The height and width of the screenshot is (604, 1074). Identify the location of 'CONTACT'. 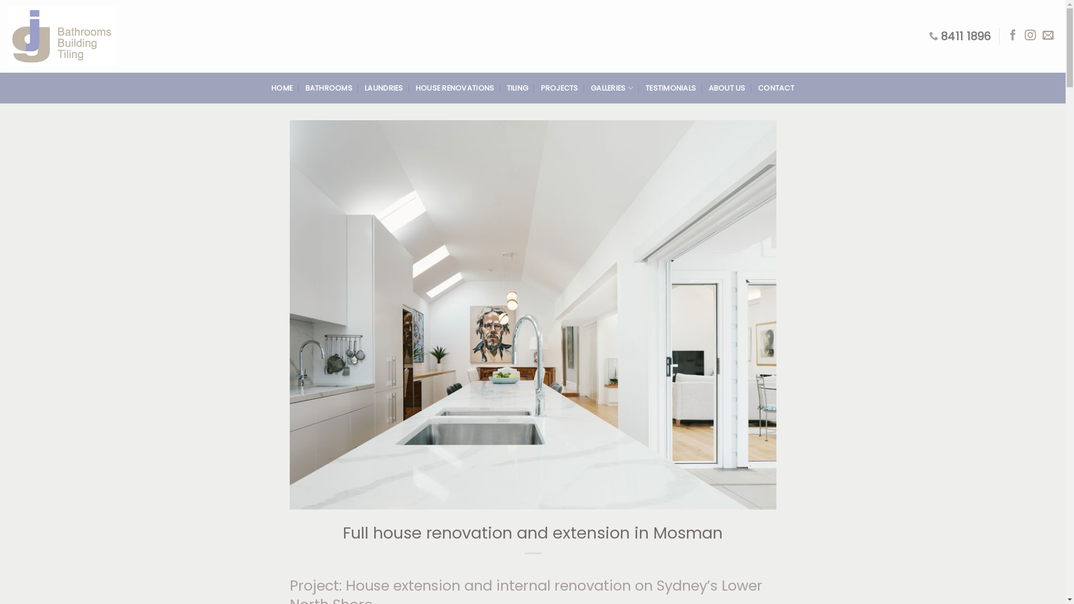
(757, 88).